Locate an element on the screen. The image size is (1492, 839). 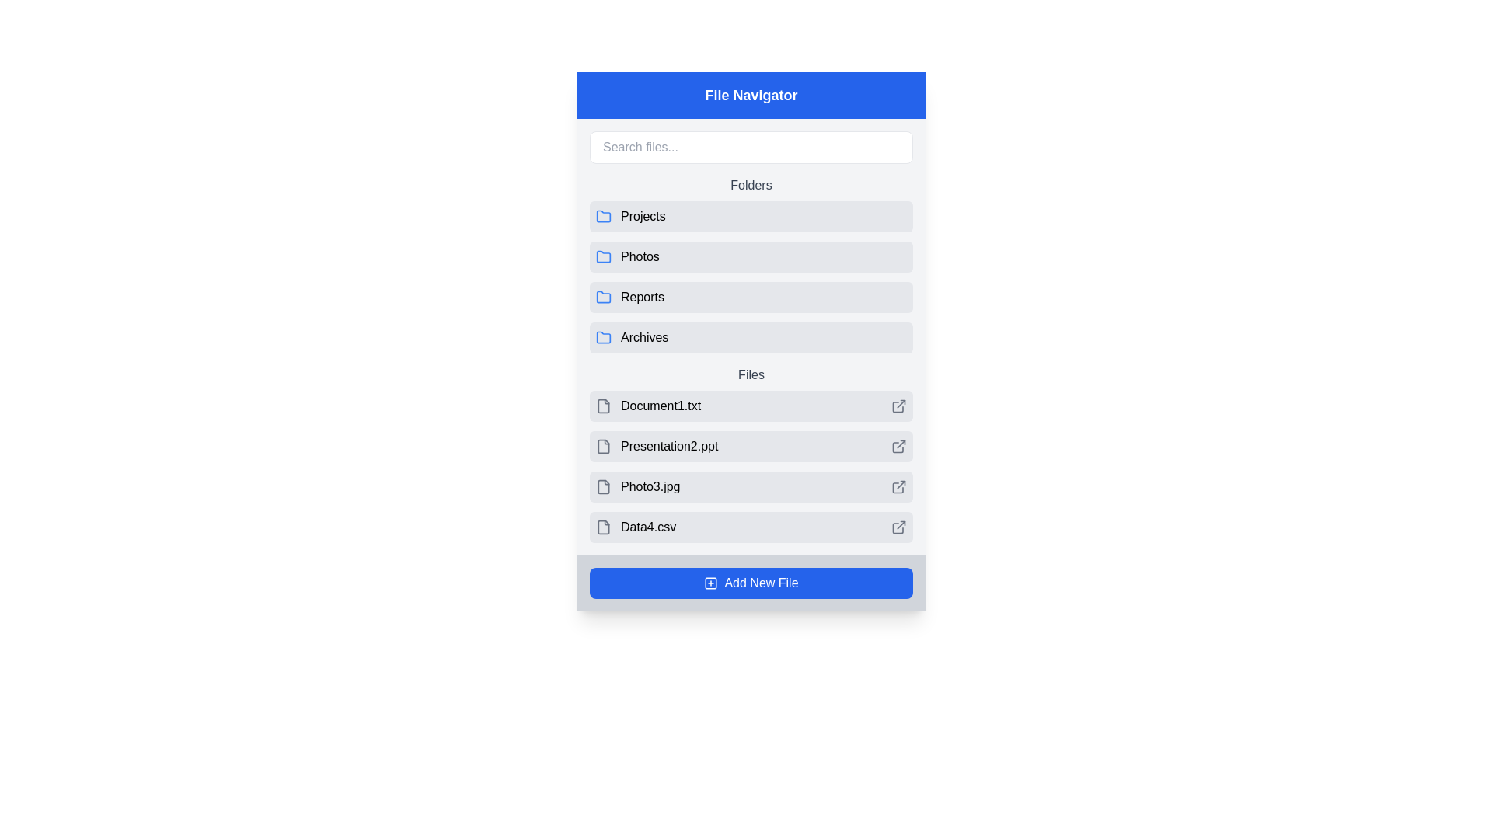
the file icon representing 'Document1.txt' is located at coordinates (603, 406).